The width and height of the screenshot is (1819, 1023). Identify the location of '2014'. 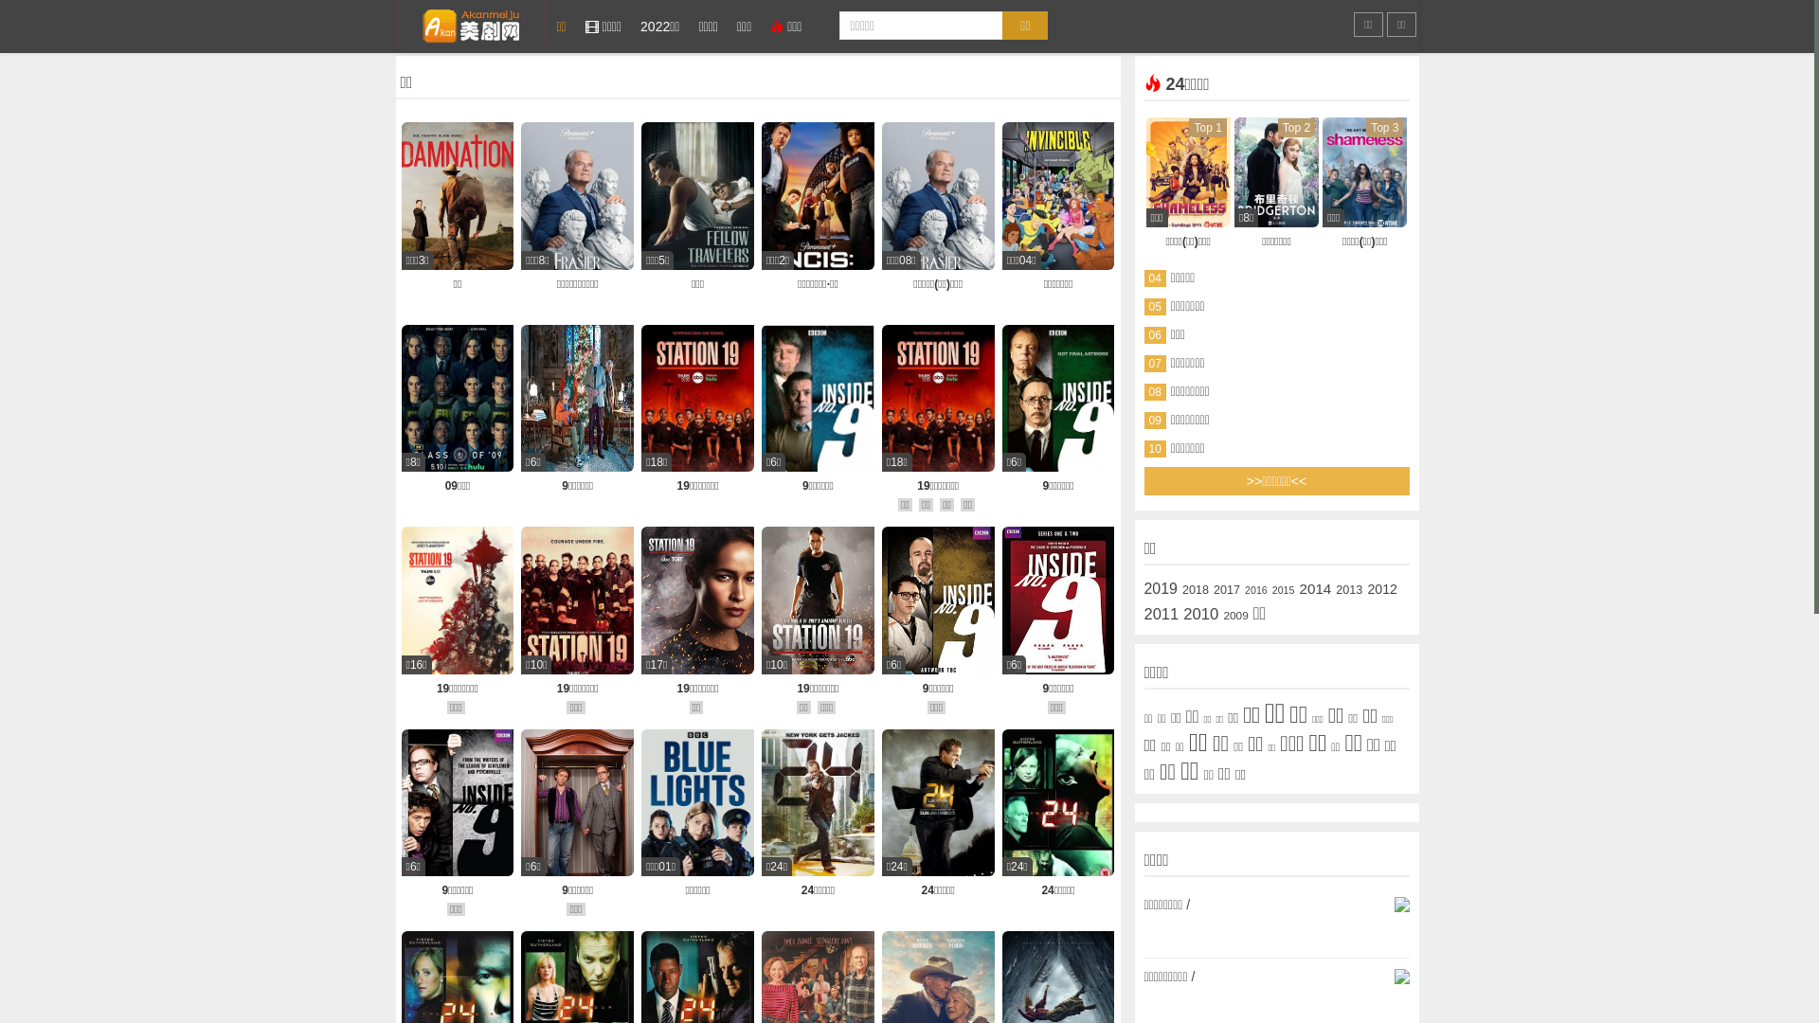
(1313, 587).